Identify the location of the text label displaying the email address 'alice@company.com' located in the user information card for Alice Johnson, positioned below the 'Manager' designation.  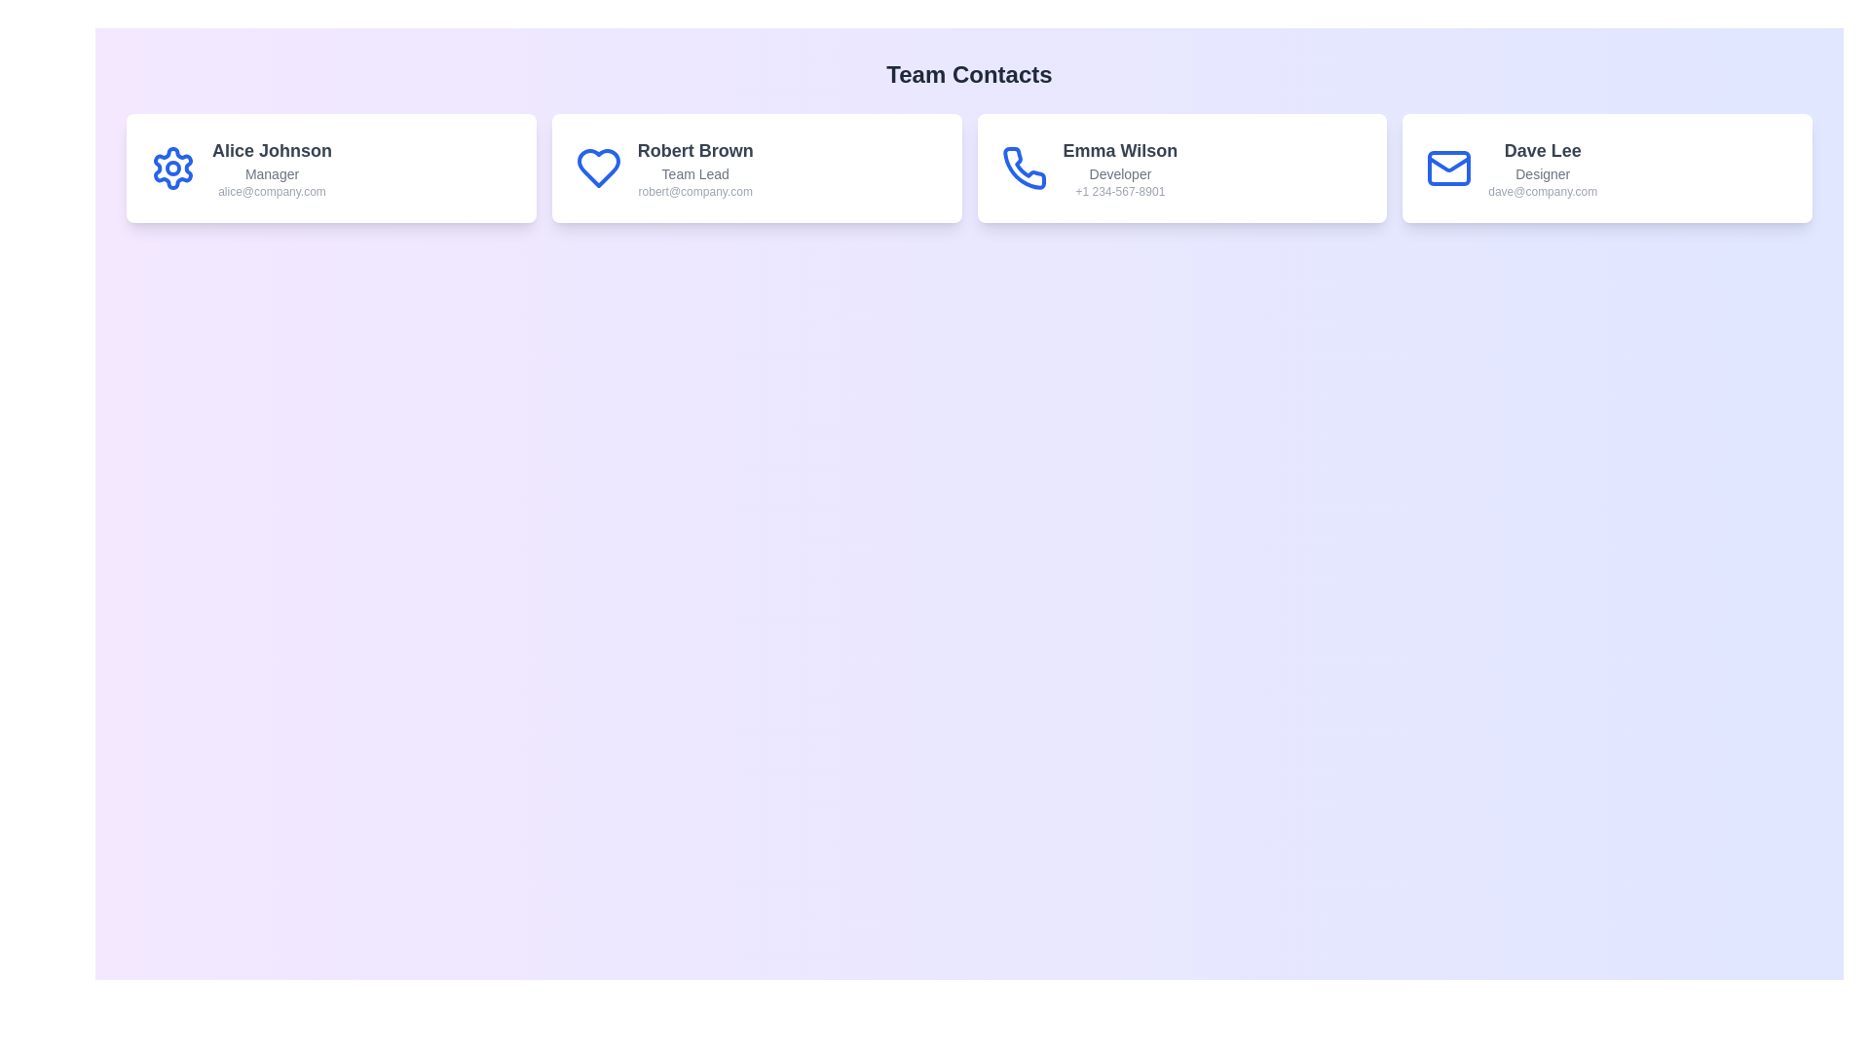
(271, 191).